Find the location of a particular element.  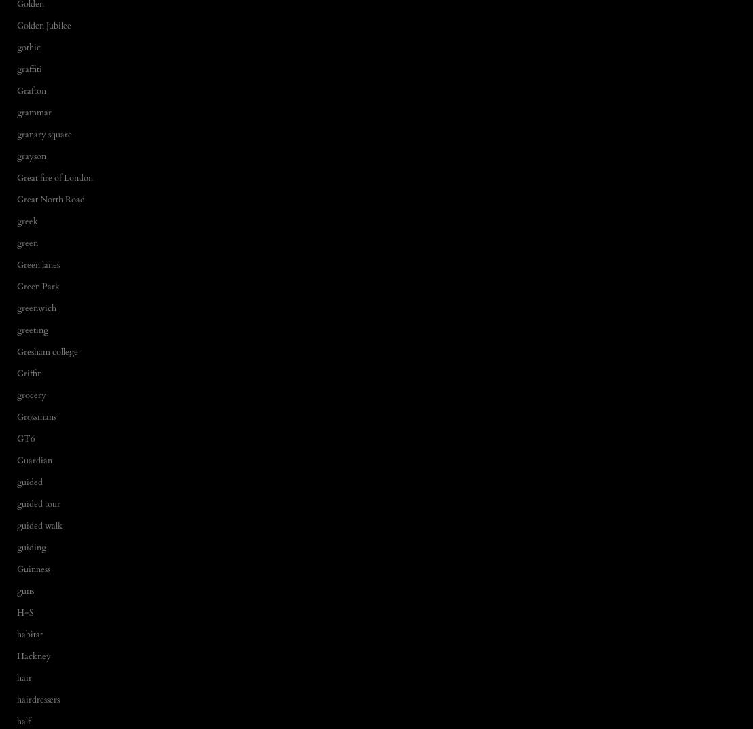

'Great North Road' is located at coordinates (17, 198).